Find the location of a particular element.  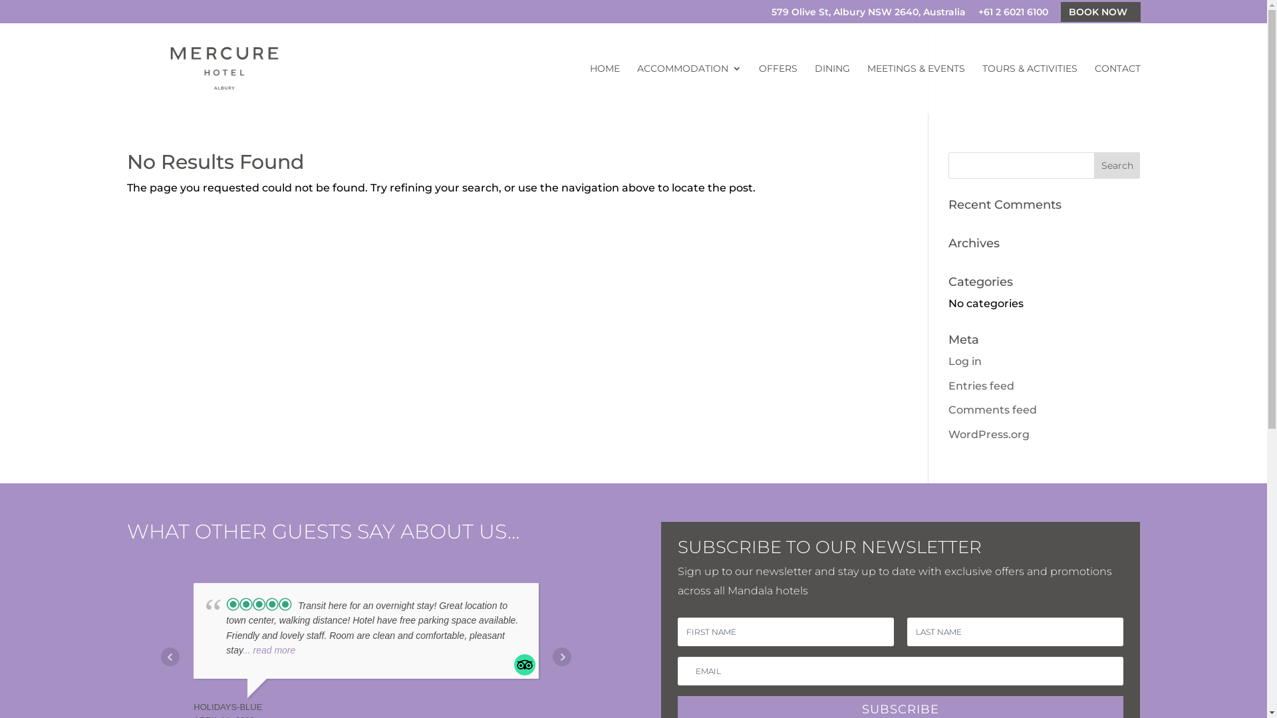

'Entries feed' is located at coordinates (981, 386).